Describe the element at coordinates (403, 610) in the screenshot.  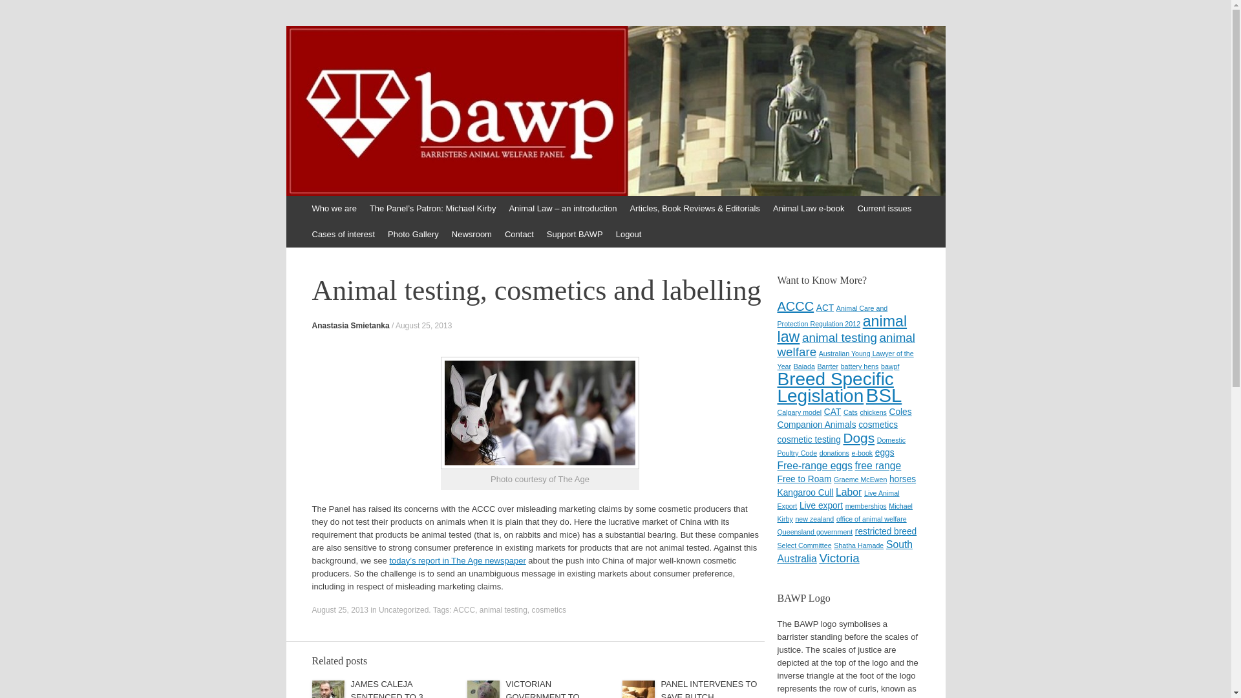
I see `'Uncategorized'` at that location.